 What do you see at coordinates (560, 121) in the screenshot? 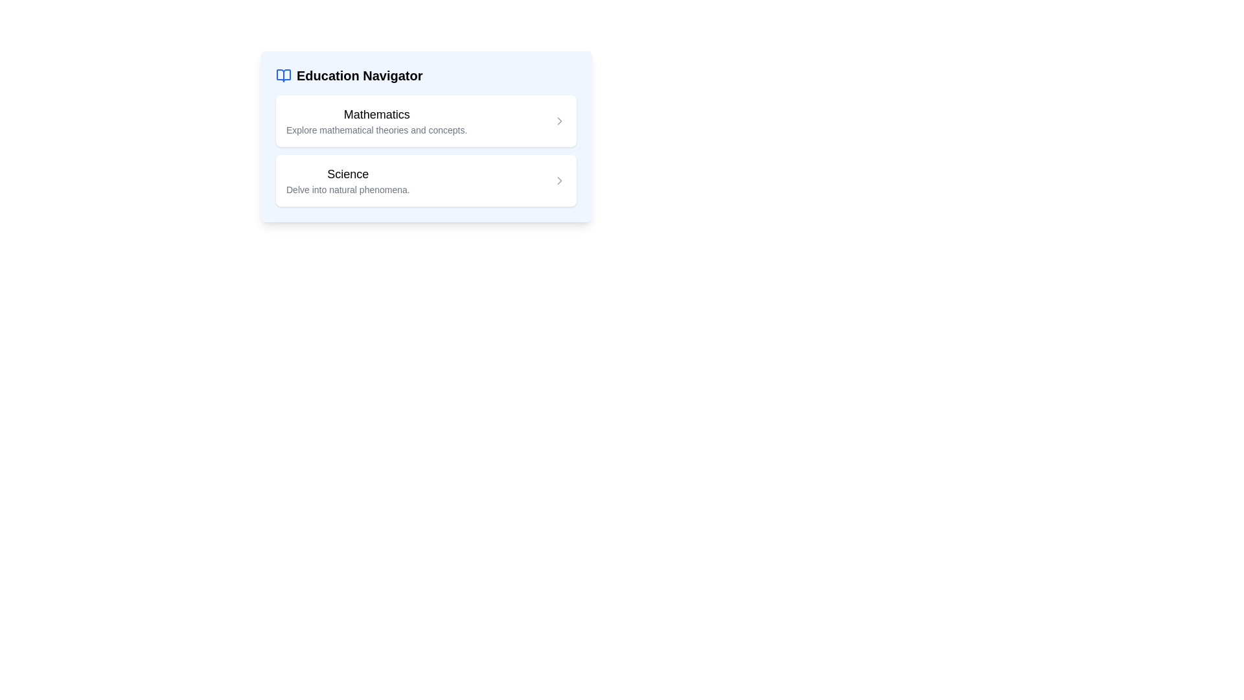
I see `the right-pointing chevron icon located at the far right of the box labeled 'Mathematics'` at bounding box center [560, 121].